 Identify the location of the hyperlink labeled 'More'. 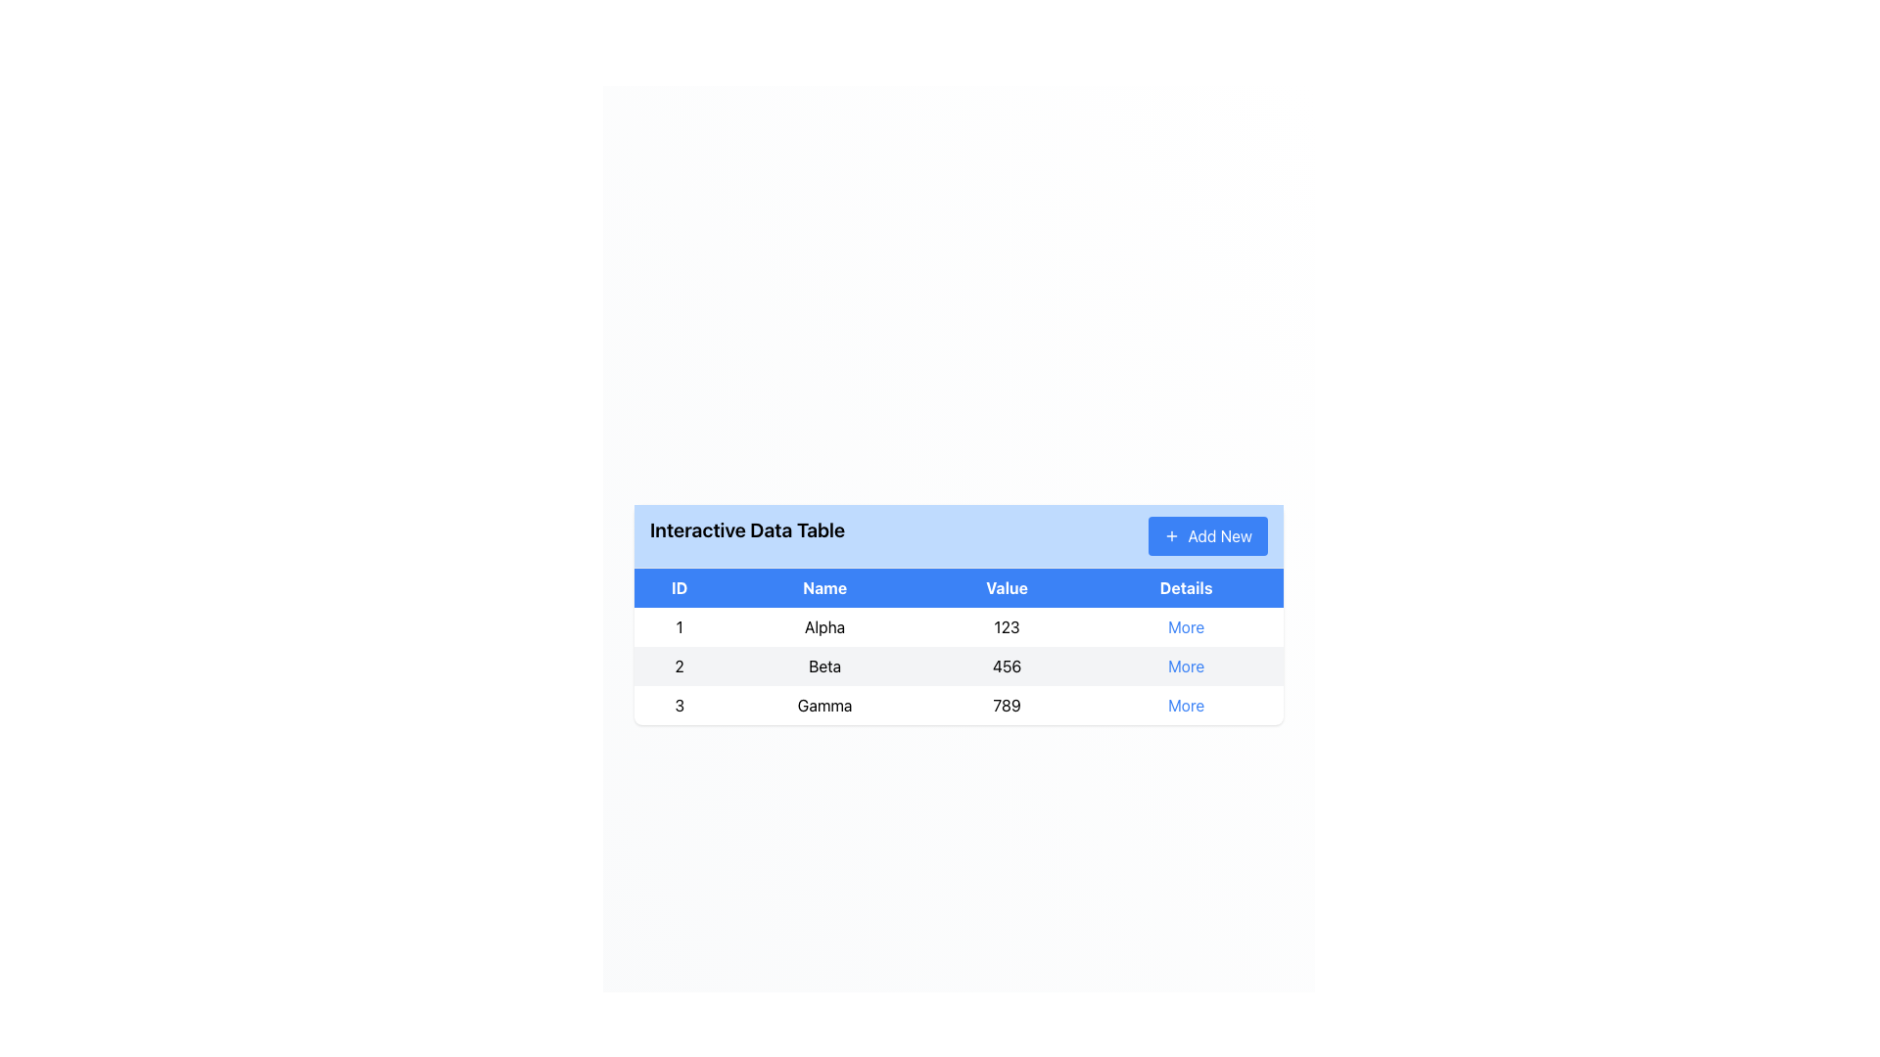
(1185, 665).